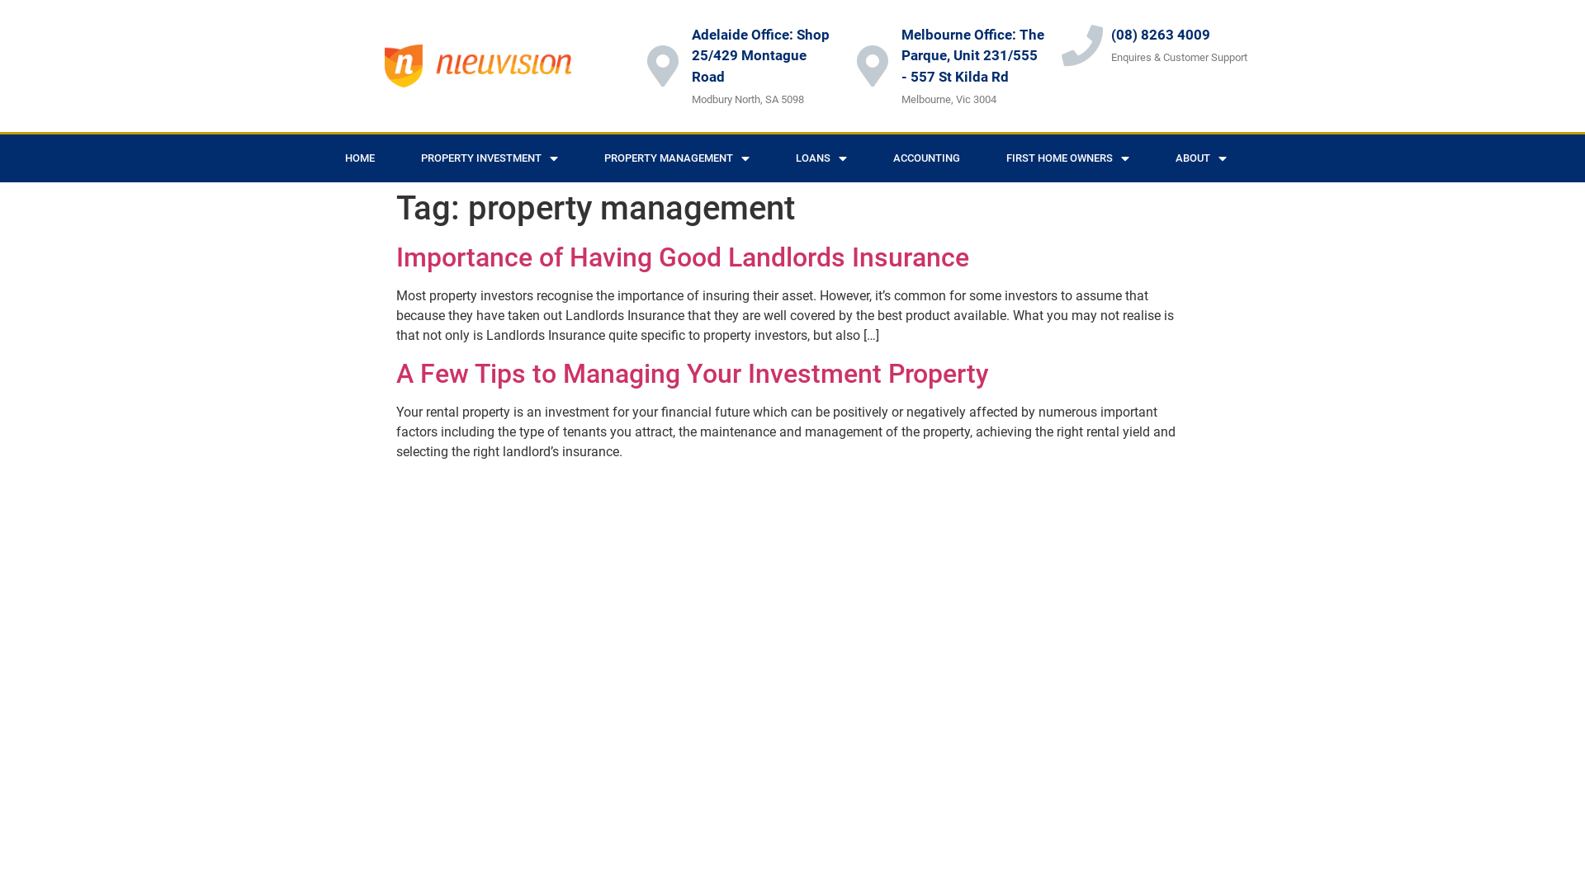 The image size is (1585, 891). What do you see at coordinates (1067, 158) in the screenshot?
I see `'FIRST HOME OWNERS'` at bounding box center [1067, 158].